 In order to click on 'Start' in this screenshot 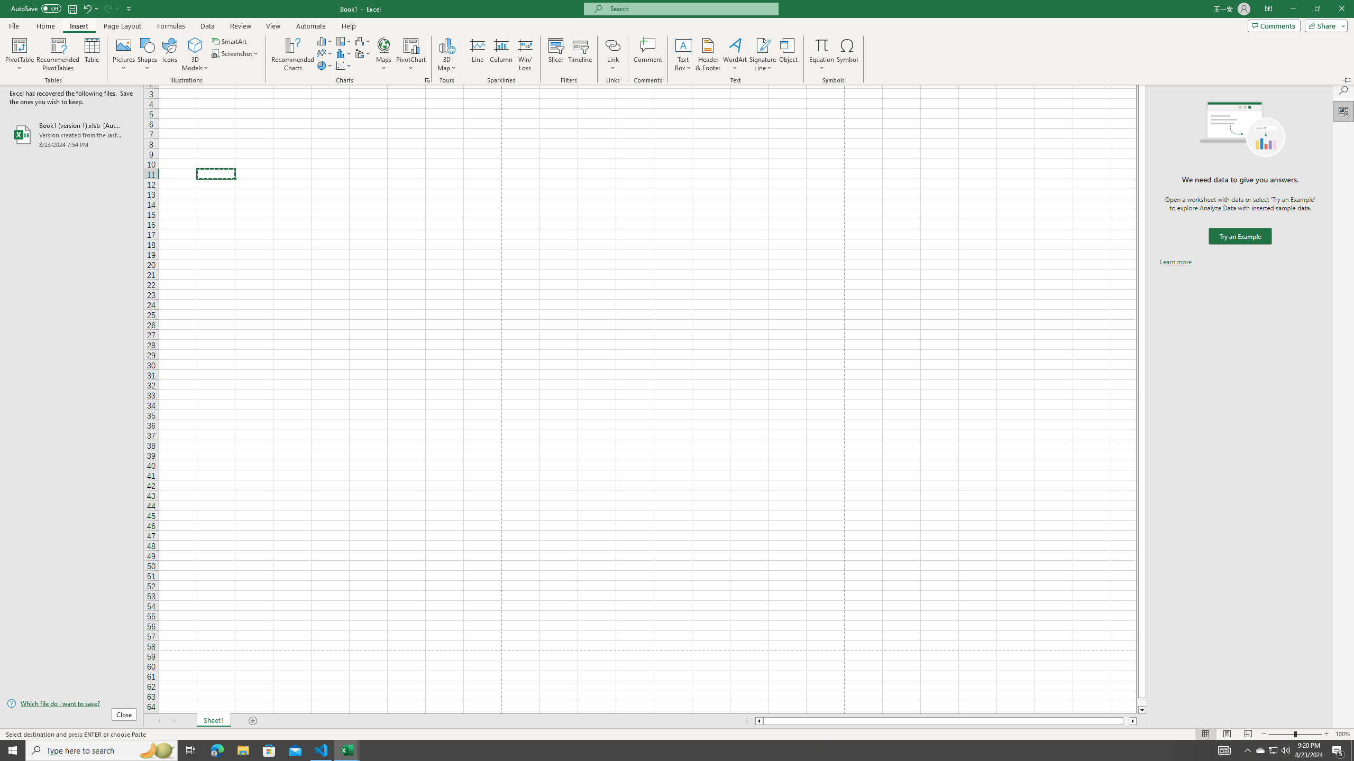, I will do `click(13, 749)`.